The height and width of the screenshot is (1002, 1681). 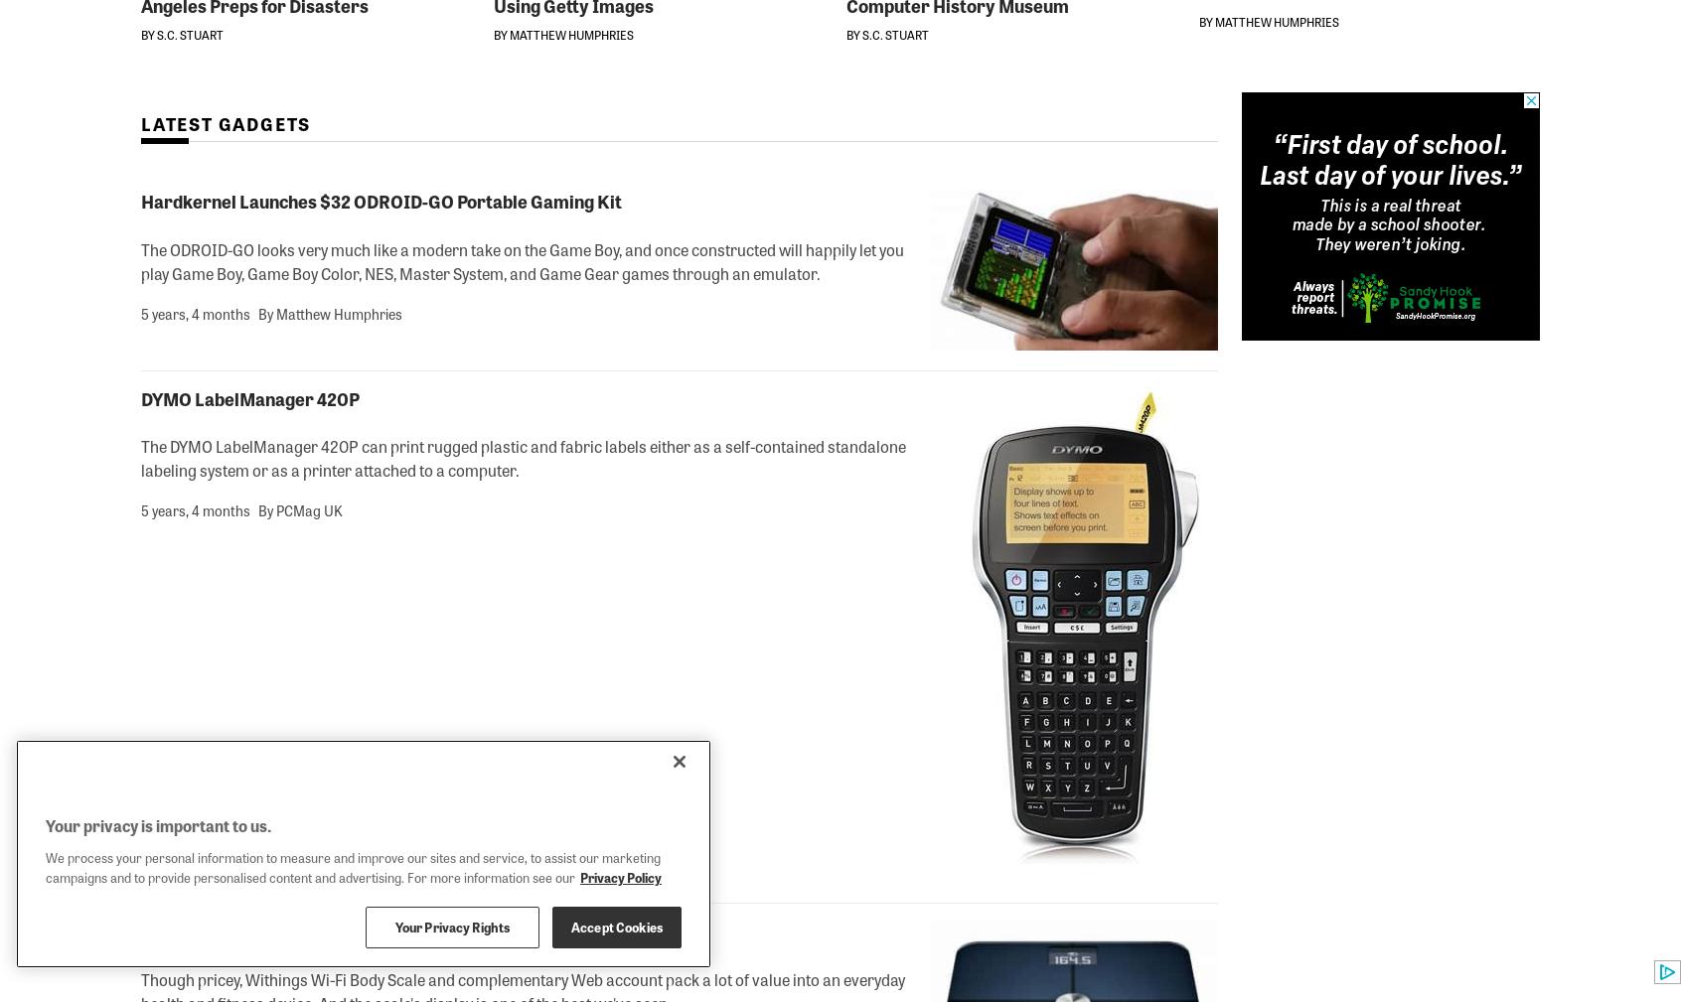 I want to click on 'By PCMag UK', so click(x=299, y=509).